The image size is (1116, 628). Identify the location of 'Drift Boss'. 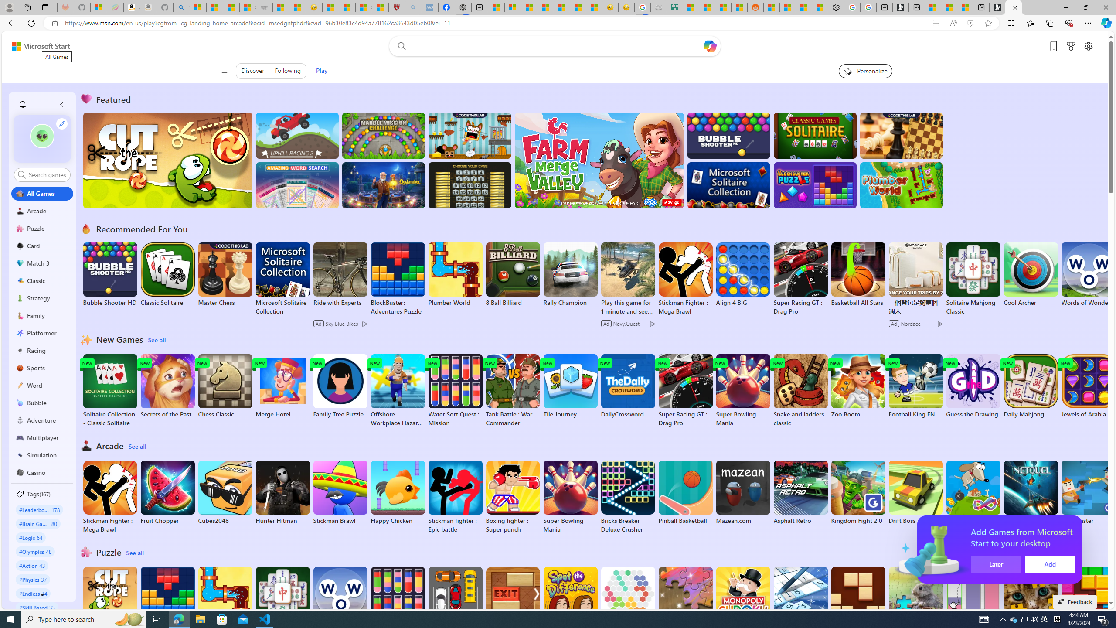
(915, 492).